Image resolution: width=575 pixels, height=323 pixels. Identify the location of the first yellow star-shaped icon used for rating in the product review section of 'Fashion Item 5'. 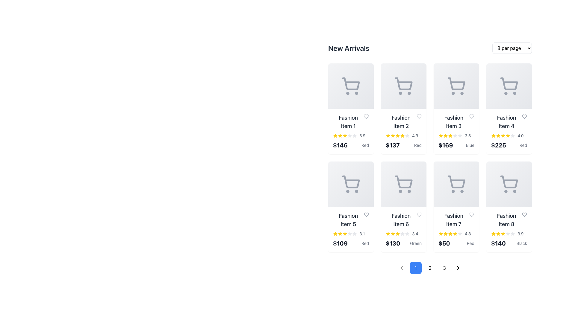
(335, 234).